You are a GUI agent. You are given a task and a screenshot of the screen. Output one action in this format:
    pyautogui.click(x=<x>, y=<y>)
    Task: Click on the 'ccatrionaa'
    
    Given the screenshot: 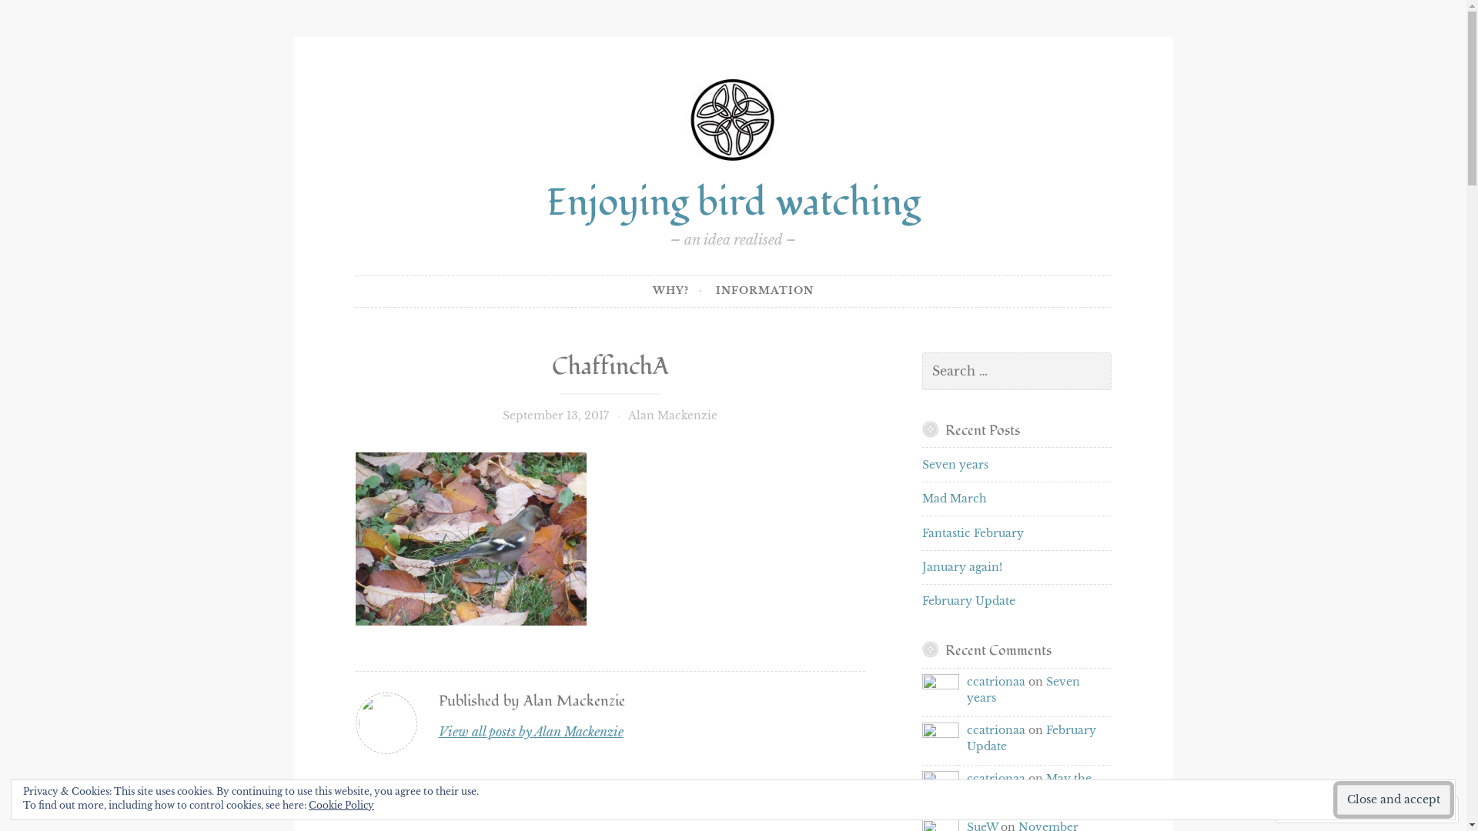 What is the action you would take?
    pyautogui.click(x=966, y=681)
    